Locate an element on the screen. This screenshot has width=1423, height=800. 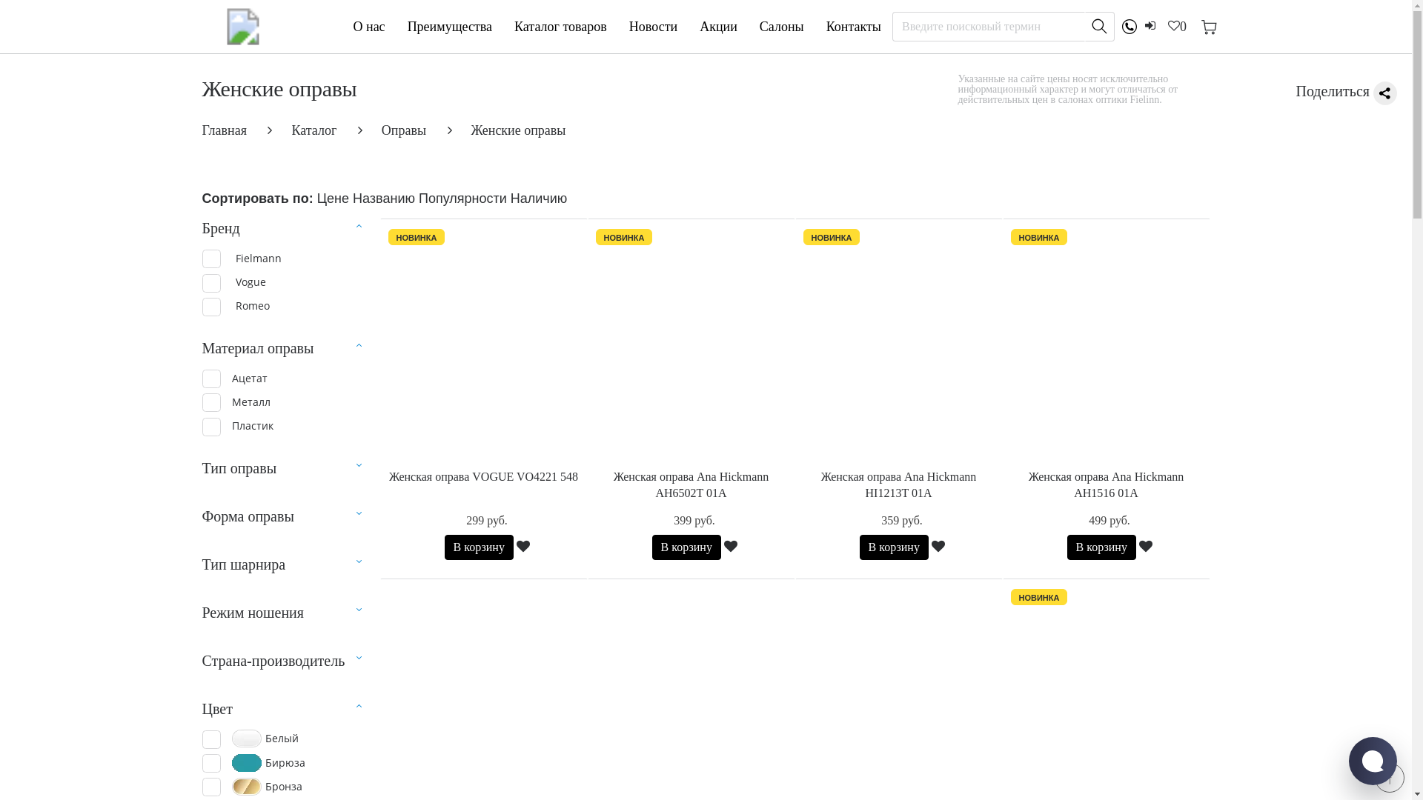
'Vogue' is located at coordinates (233, 281).